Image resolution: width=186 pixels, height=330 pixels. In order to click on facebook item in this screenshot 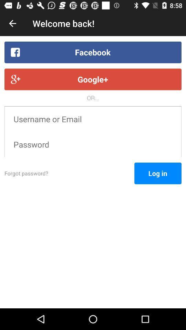, I will do `click(93, 52)`.